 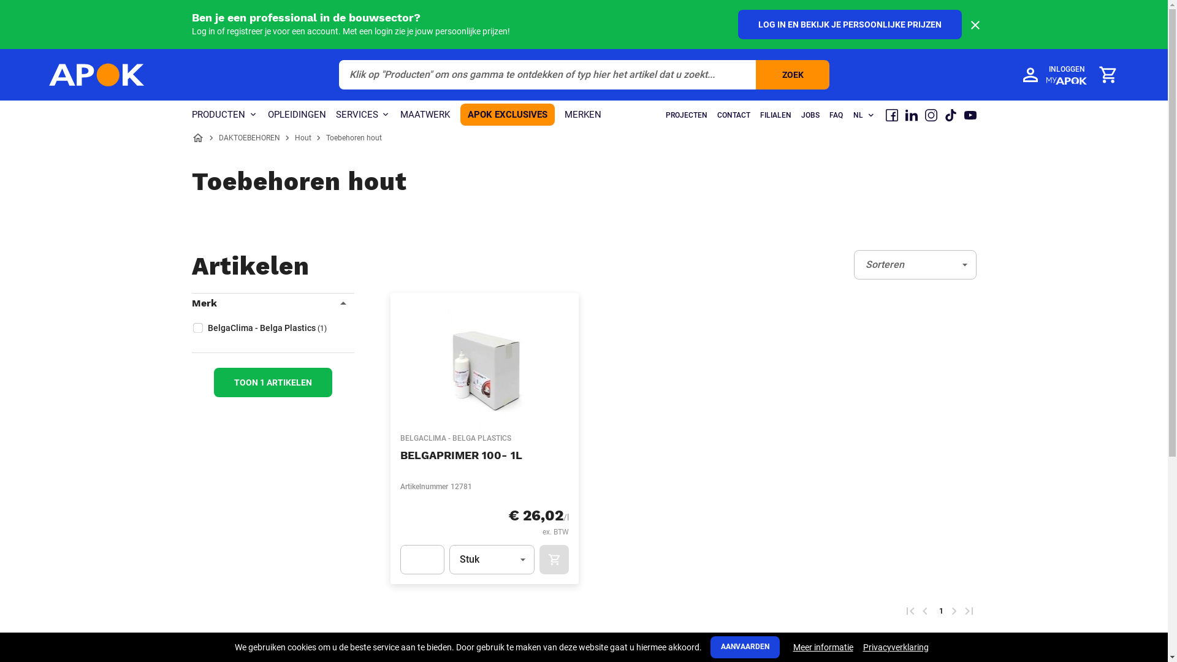 I want to click on 'TOON 1 ARTIKELEN', so click(x=213, y=382).